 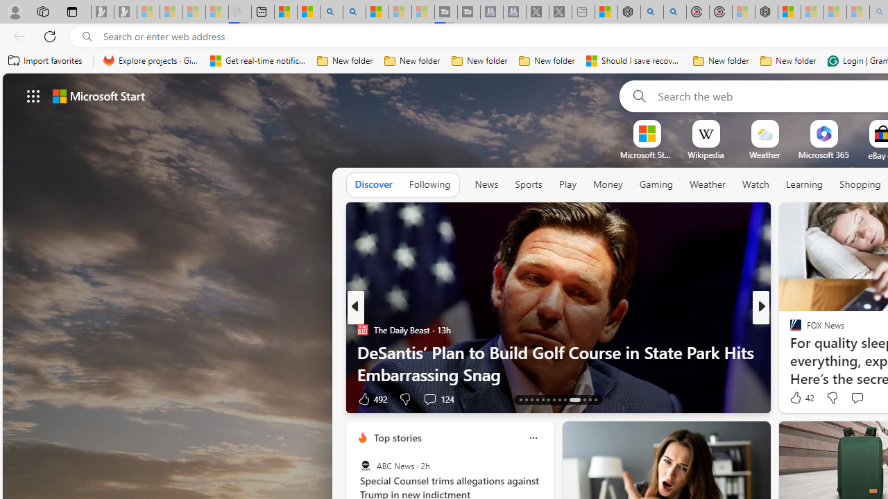 I want to click on 'X - Sleeping', so click(x=561, y=12).